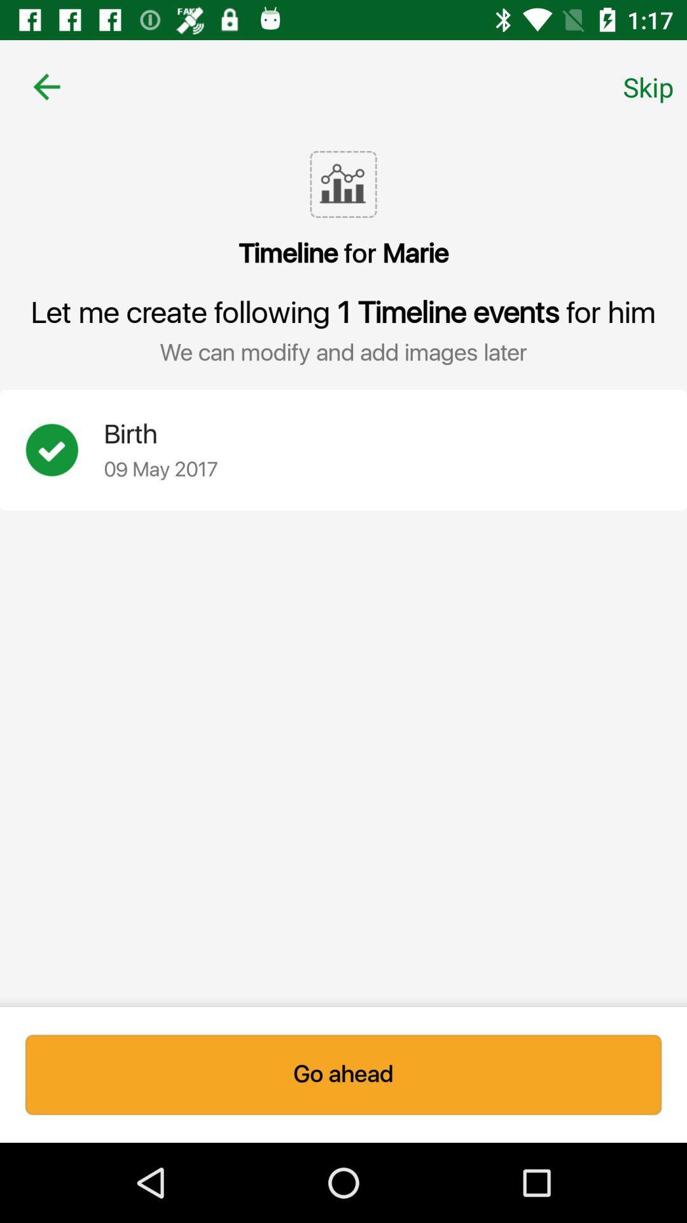  I want to click on skip item, so click(648, 86).